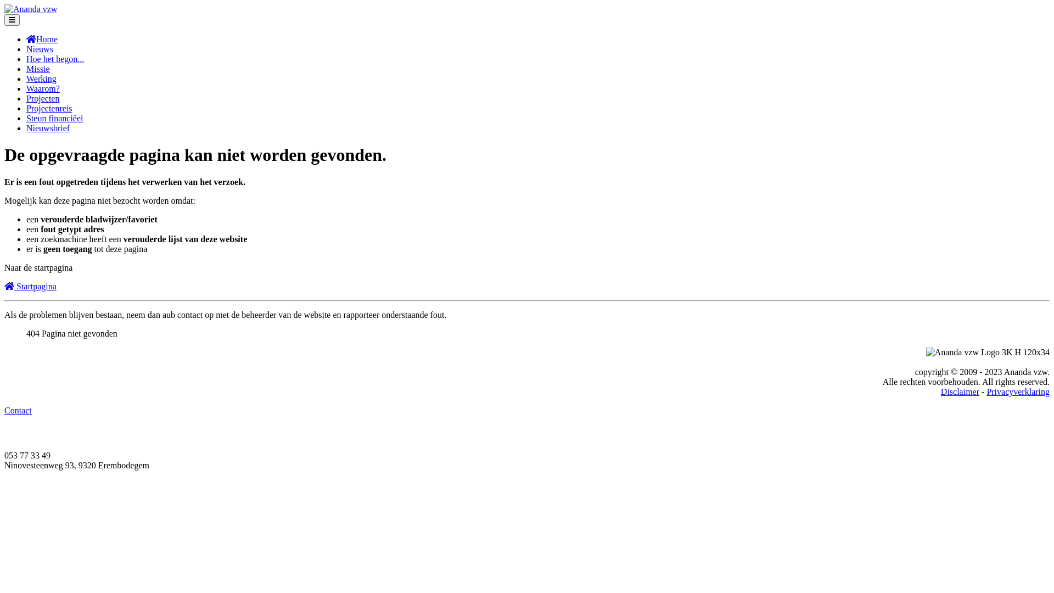  I want to click on 'Projectenreis', so click(49, 108).